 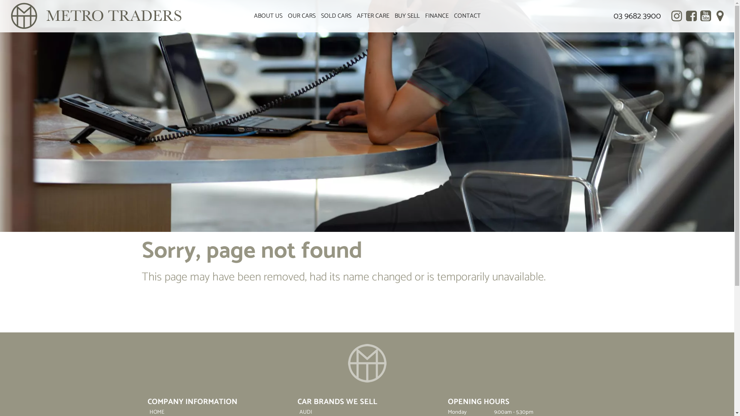 I want to click on 'CONTACT', so click(x=466, y=16).